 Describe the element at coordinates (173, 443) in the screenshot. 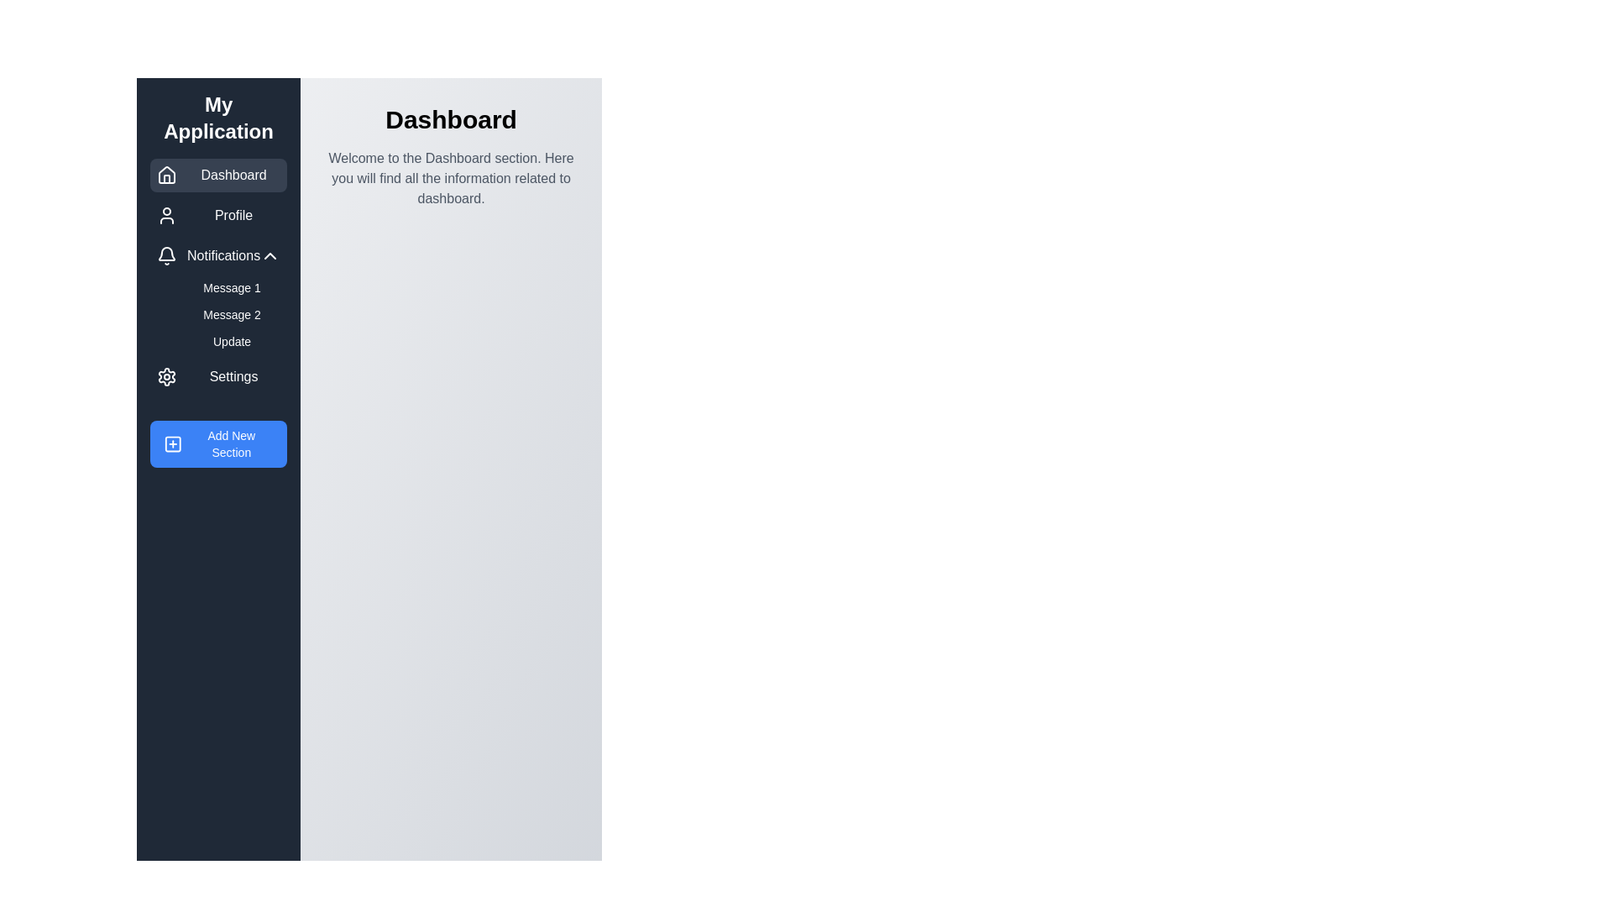

I see `the 'Add New Section' icon located at the bottom of the left navigation sidebar for accessibility purposes` at that location.